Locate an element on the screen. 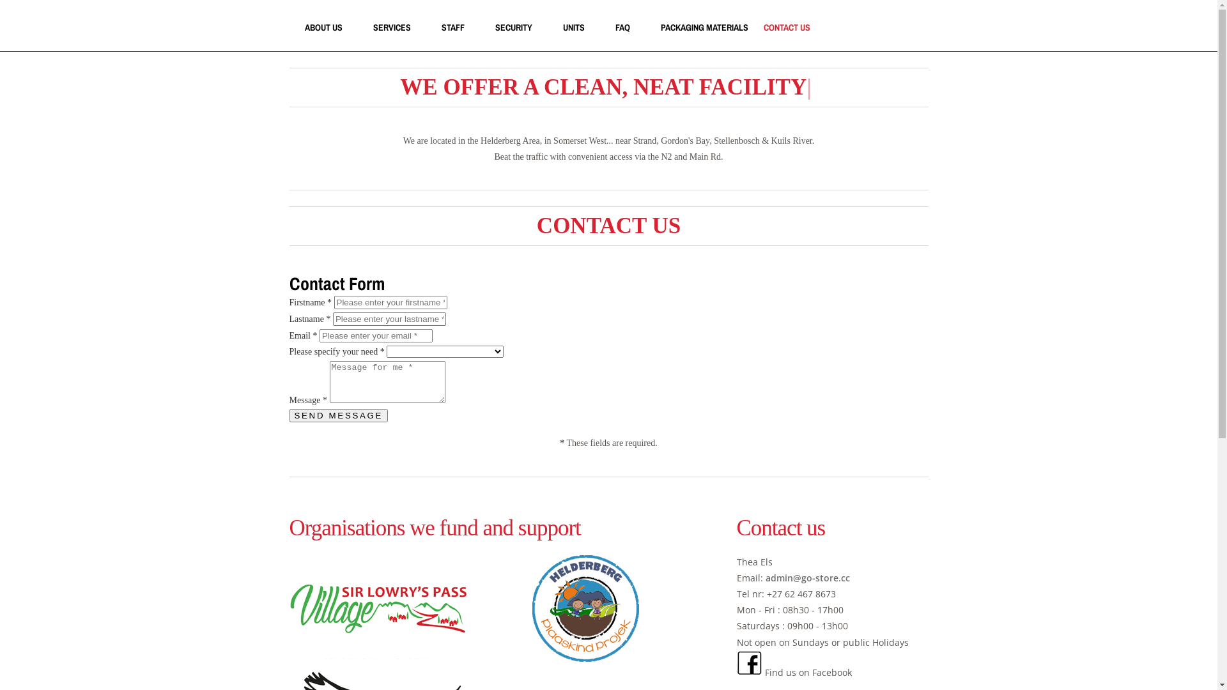  'PACKAGING MATERIALS' is located at coordinates (660, 27).